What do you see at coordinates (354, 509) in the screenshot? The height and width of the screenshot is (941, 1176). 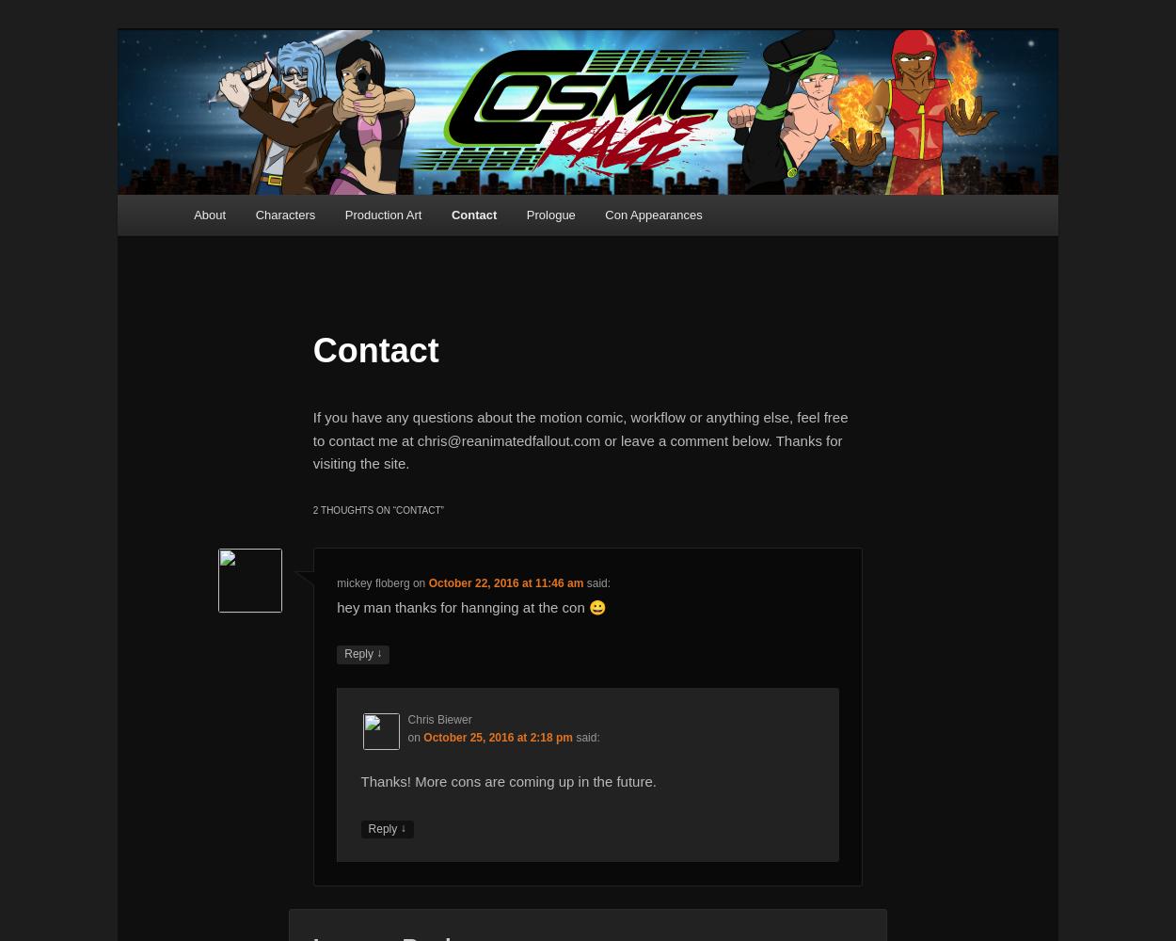 I see `'2 thoughts on “'` at bounding box center [354, 509].